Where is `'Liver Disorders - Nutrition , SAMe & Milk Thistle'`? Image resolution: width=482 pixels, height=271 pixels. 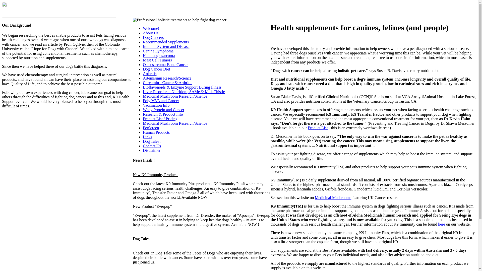
'Liver Disorders - Nutrition , SAMe & Milk Thistle' is located at coordinates (183, 92).